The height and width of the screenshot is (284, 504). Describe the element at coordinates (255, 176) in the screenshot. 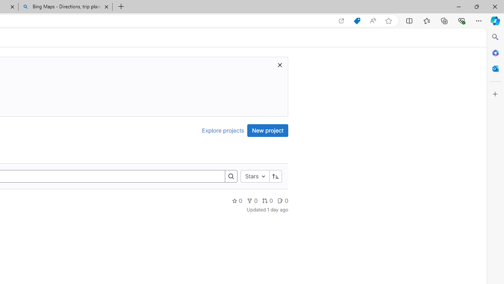

I see `'Stars'` at that location.